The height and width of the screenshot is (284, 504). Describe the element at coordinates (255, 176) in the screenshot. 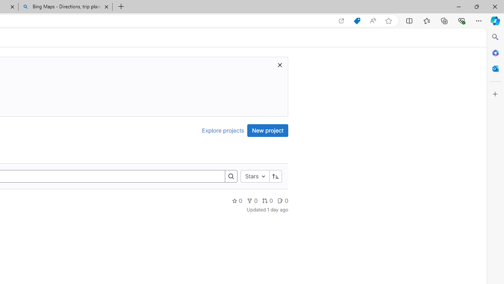

I see `'Stars'` at that location.